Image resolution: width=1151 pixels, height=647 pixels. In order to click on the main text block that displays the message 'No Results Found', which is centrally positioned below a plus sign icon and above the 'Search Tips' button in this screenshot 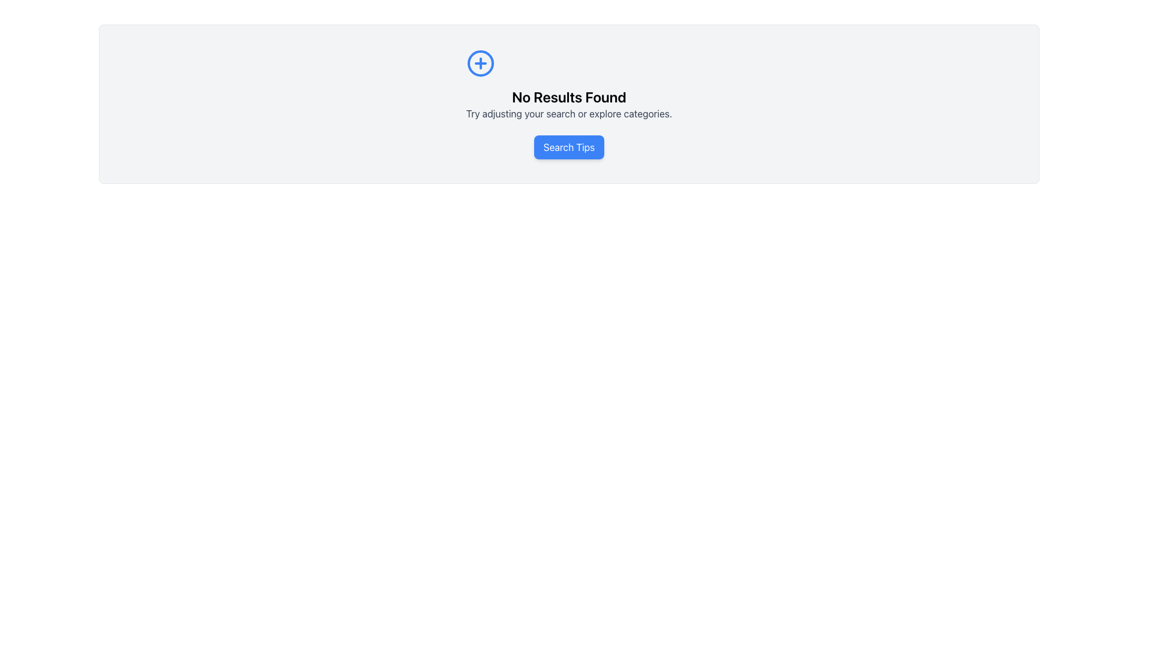, I will do `click(568, 103)`.